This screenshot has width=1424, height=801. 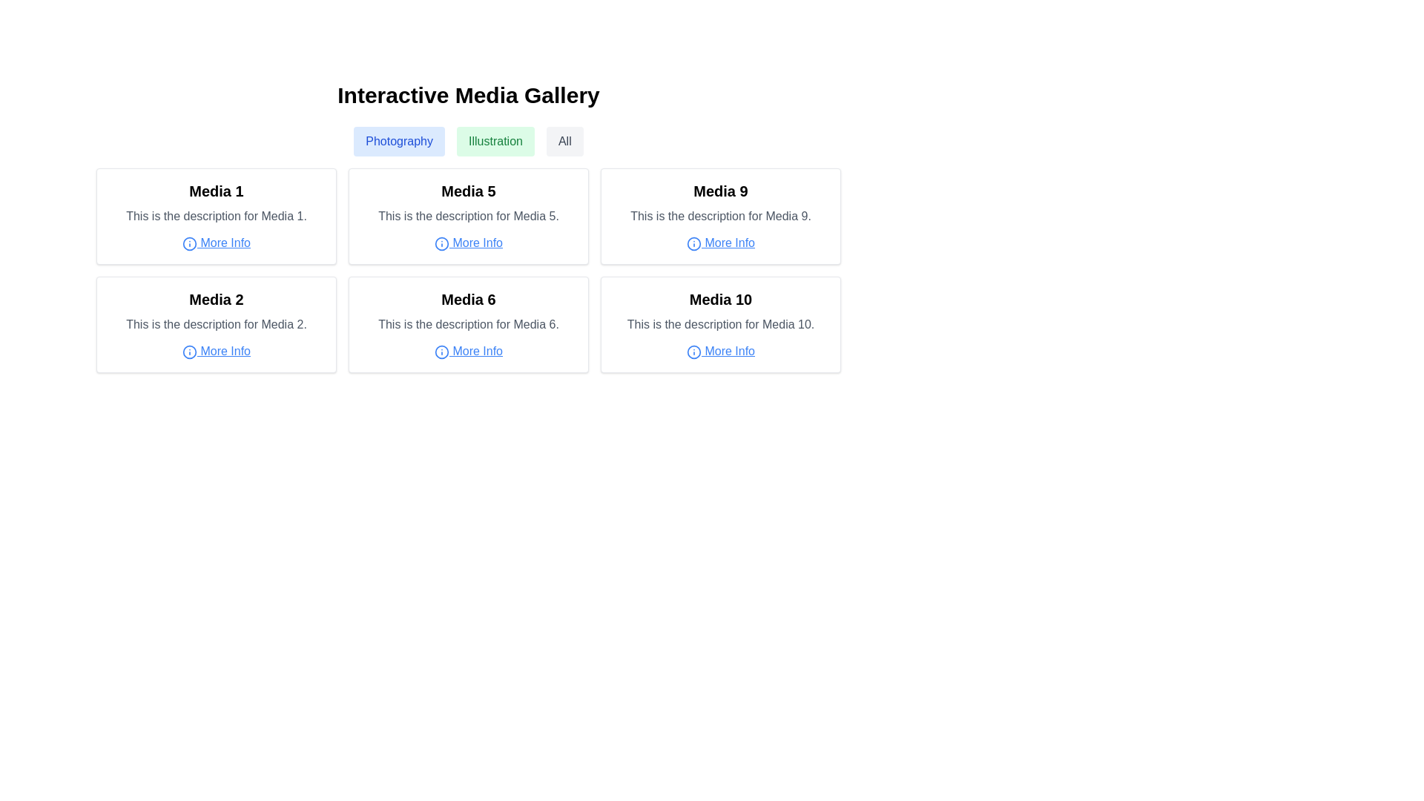 What do you see at coordinates (216, 352) in the screenshot?
I see `the hyperlink with an accompanying icon located in the 'Media 2' section` at bounding box center [216, 352].